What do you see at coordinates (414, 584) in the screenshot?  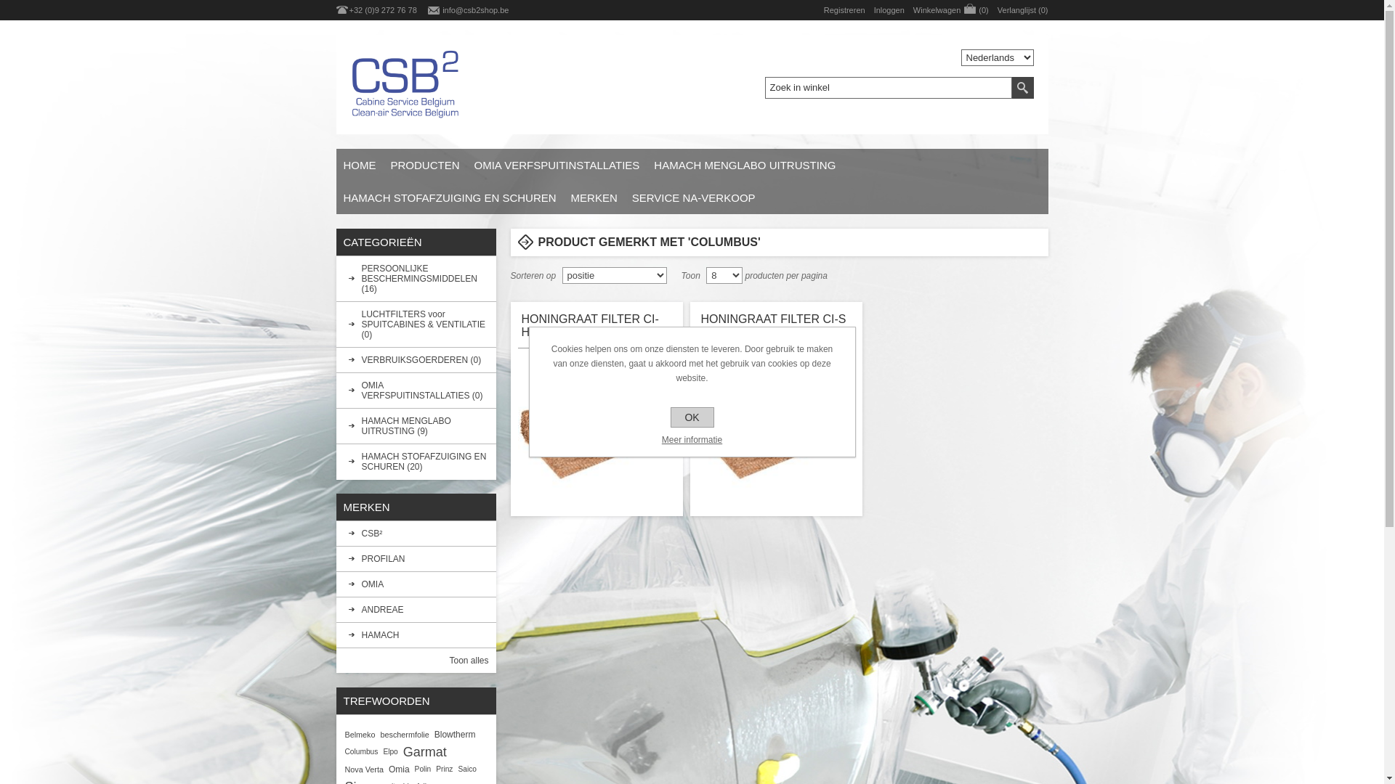 I see `'OMIA'` at bounding box center [414, 584].